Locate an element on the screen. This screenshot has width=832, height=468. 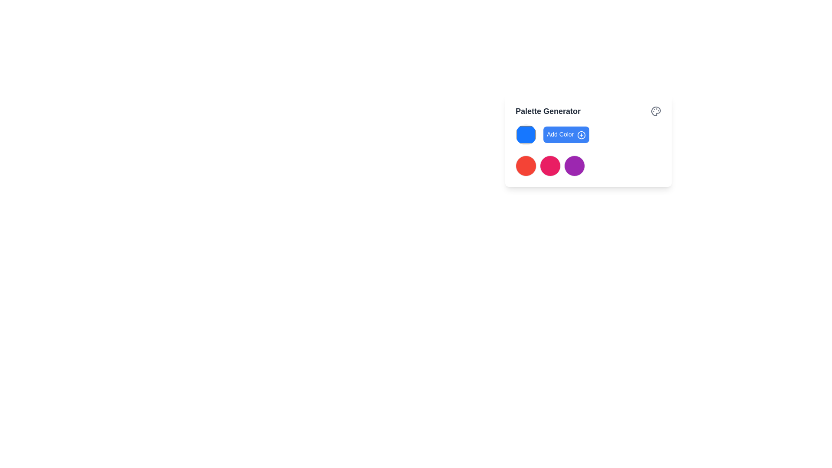
the circular unfilled icon with a gray outline that resembles a palette, located in the top-right corner of the 'Palette Generator' card interface is located at coordinates (656, 111).